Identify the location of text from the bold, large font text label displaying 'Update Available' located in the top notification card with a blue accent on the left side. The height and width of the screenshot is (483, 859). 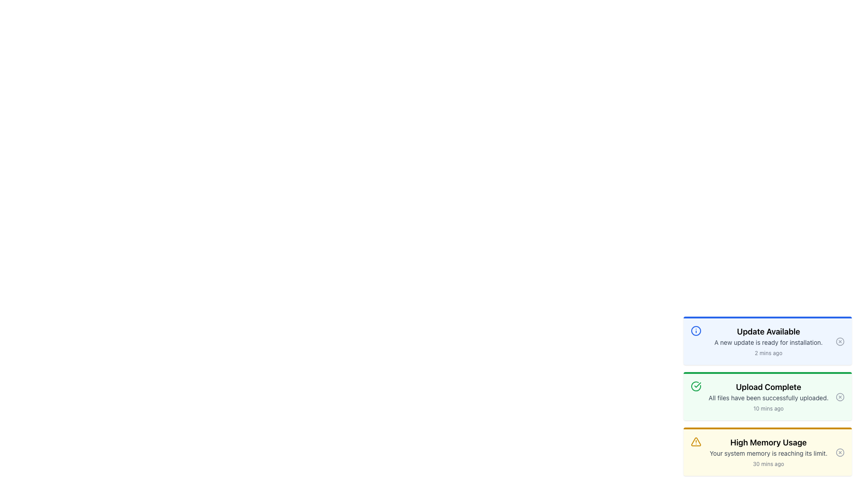
(768, 331).